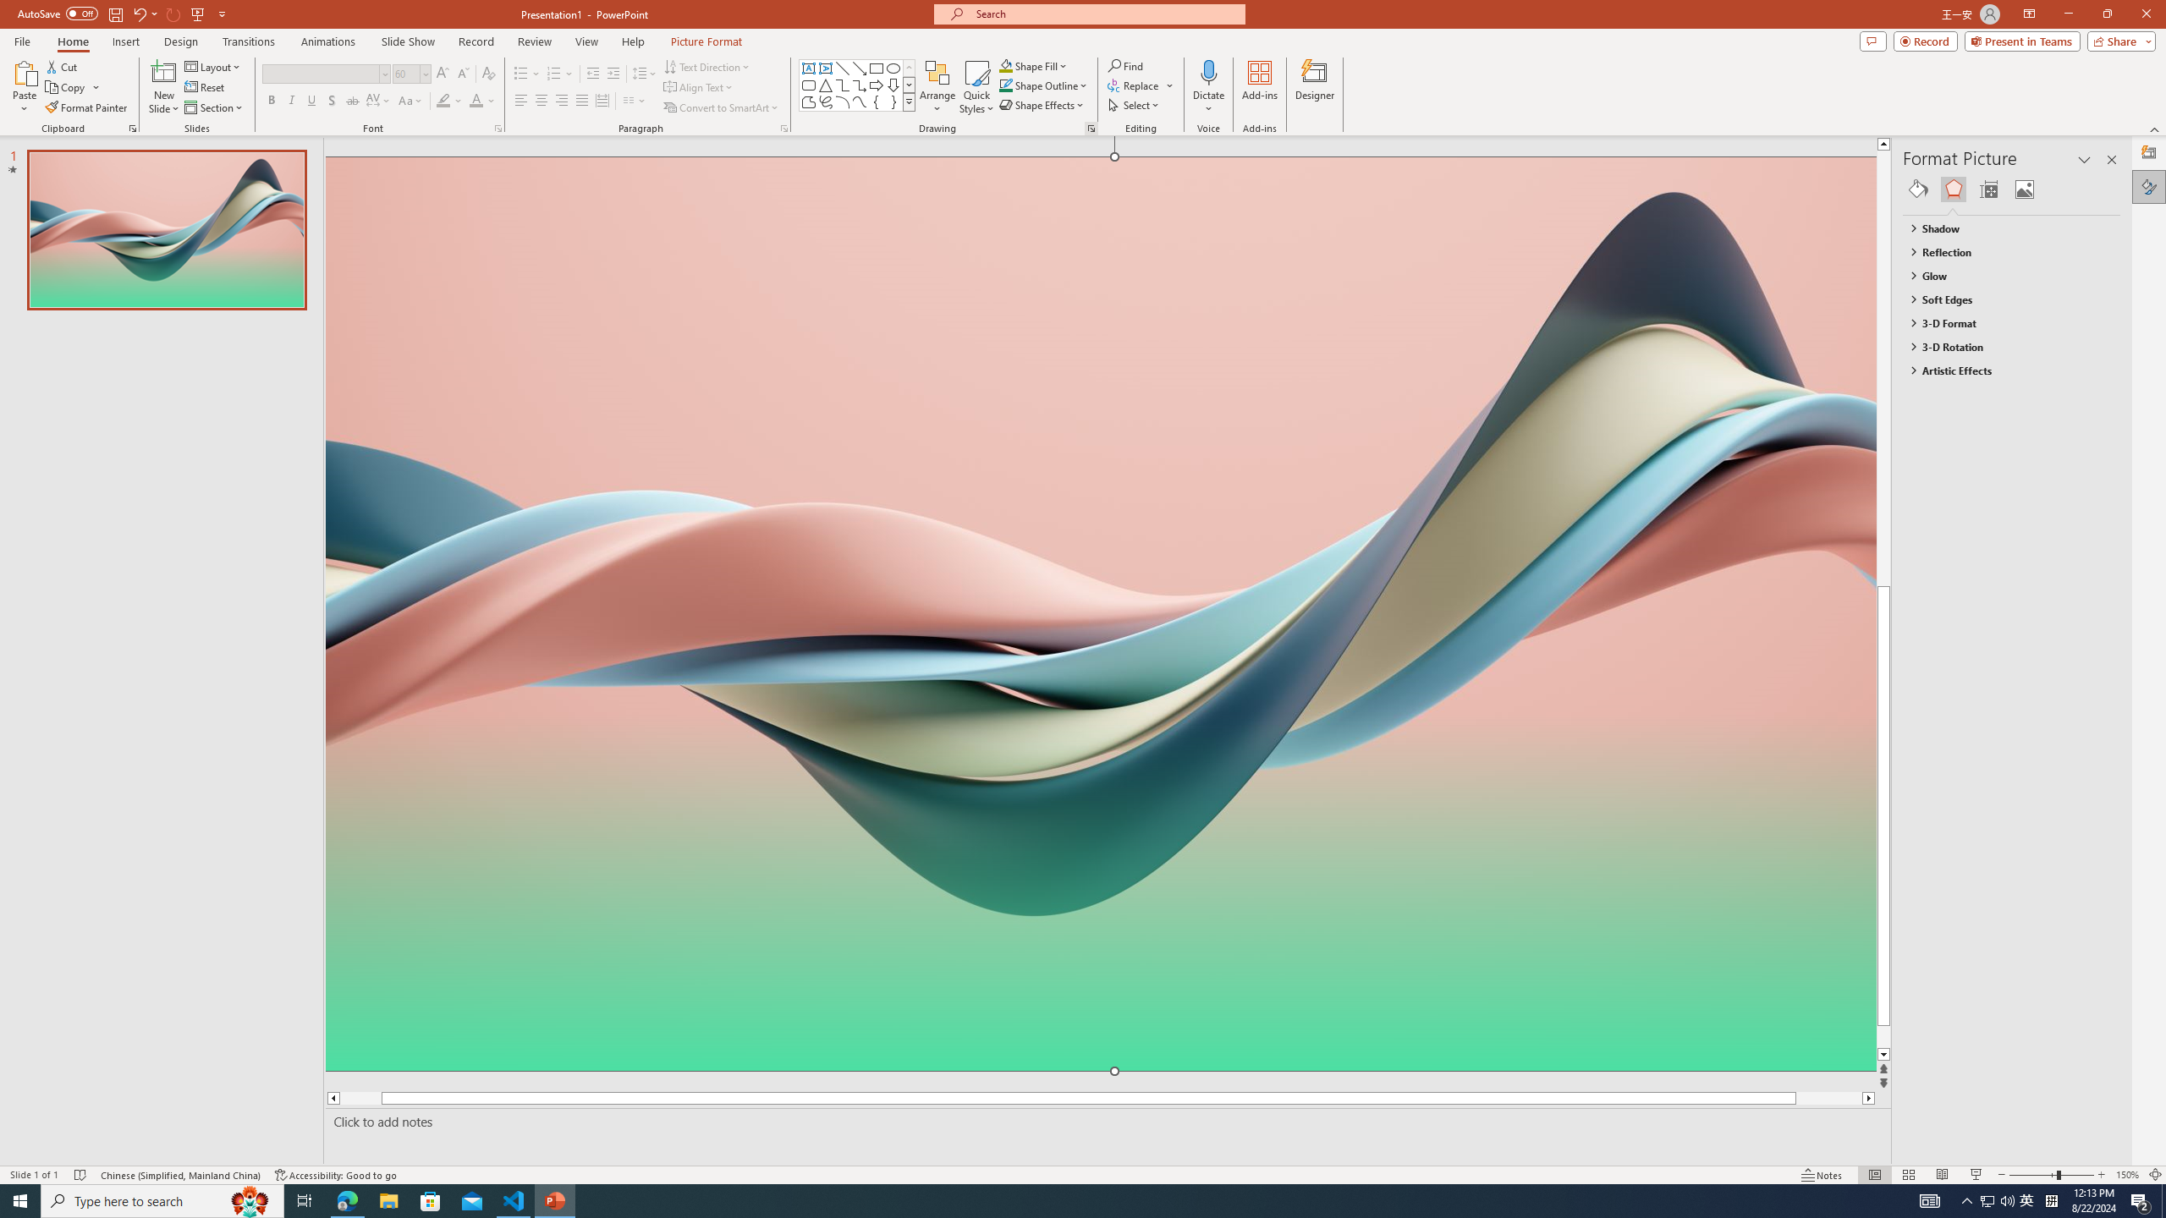 The width and height of the screenshot is (2166, 1218). What do you see at coordinates (1989, 188) in the screenshot?
I see `'Size & Properties'` at bounding box center [1989, 188].